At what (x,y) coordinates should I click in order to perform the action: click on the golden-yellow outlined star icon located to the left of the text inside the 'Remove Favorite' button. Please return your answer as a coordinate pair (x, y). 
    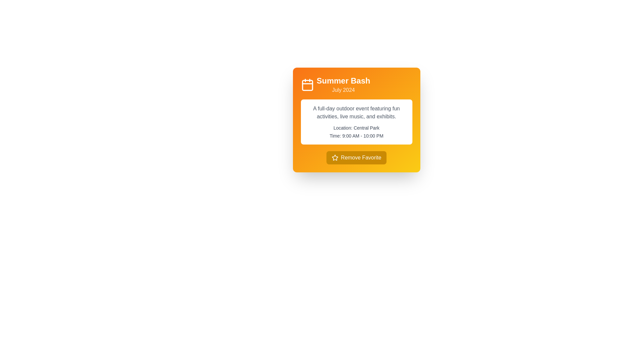
    Looking at the image, I should click on (335, 157).